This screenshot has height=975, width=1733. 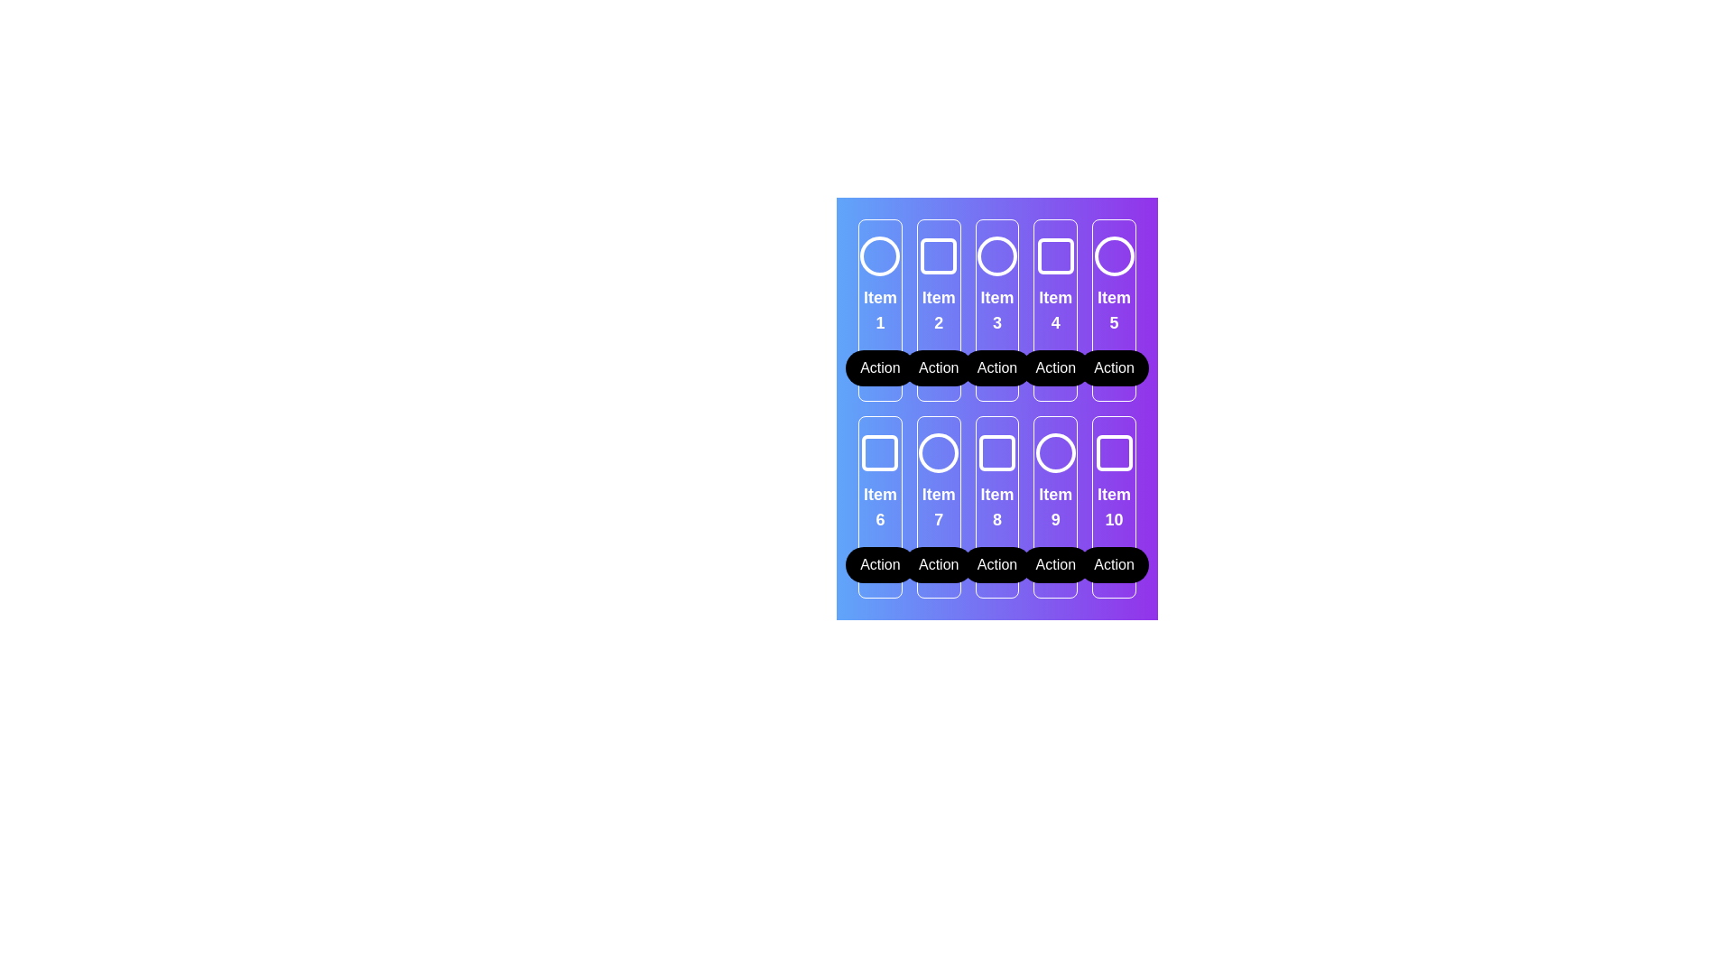 What do you see at coordinates (996, 309) in the screenshot?
I see `the non-interactive Text Label located in the first row and third column of the grid layout, which serves as a description for the corresponding item` at bounding box center [996, 309].